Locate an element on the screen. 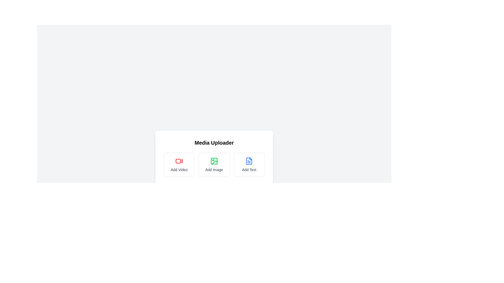  the rounded rectangle element with a greenish hue that serves as the background structure within the 'Add Image' button in the Media Uploader interface is located at coordinates (214, 161).